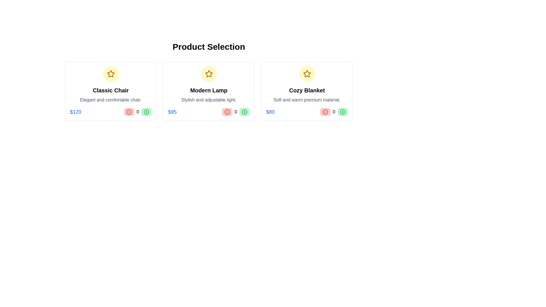  Describe the element at coordinates (307, 90) in the screenshot. I see `text content of the 'Cozy Blanket' text label, which is styled in bold font and located within the third product card below a star icon` at that location.